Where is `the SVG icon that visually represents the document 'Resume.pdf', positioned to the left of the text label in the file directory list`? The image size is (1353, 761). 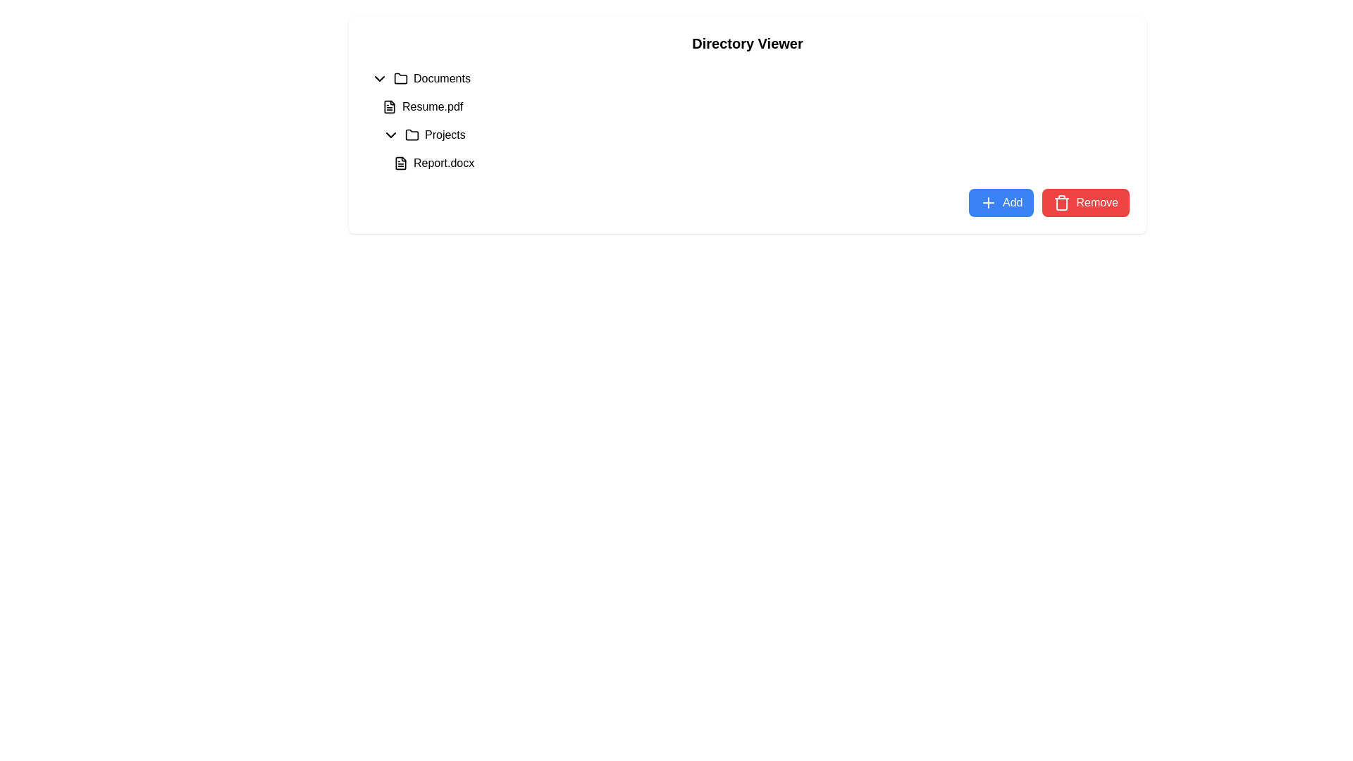 the SVG icon that visually represents the document 'Resume.pdf', positioned to the left of the text label in the file directory list is located at coordinates (389, 106).